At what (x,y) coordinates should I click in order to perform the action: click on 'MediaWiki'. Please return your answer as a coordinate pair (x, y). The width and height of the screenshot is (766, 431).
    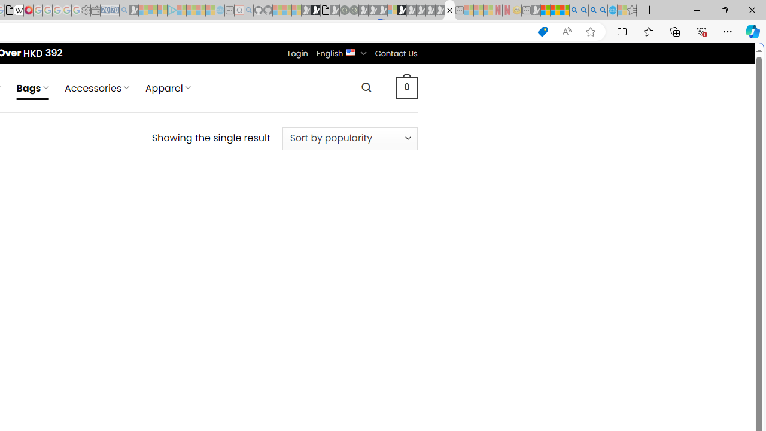
    Looking at the image, I should click on (28, 10).